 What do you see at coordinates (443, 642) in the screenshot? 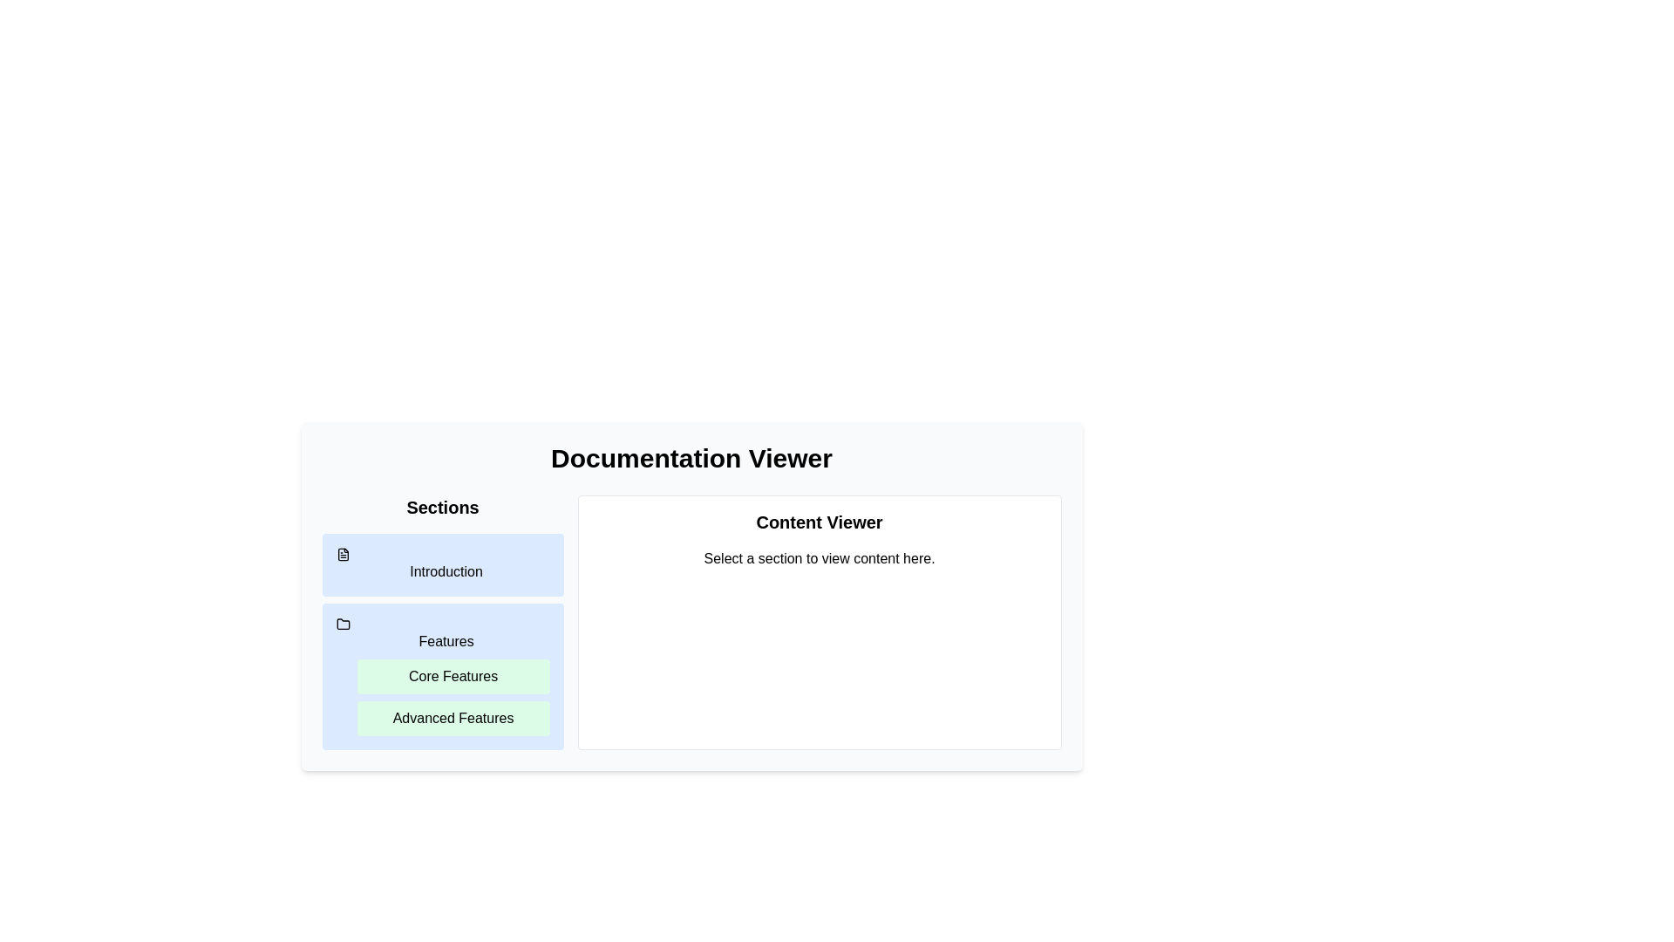
I see `the second menu item in the sidebar navigation, which is positioned below 'Introduction' and above 'Core Features'` at bounding box center [443, 642].